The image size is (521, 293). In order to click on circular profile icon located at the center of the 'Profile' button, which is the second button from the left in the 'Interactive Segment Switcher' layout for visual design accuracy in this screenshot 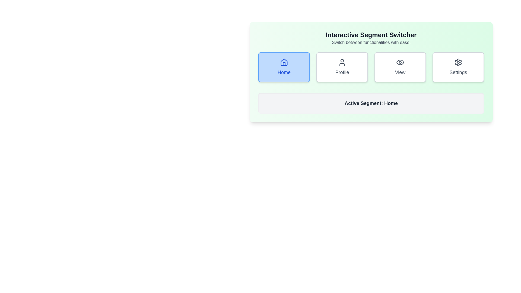, I will do `click(342, 60)`.